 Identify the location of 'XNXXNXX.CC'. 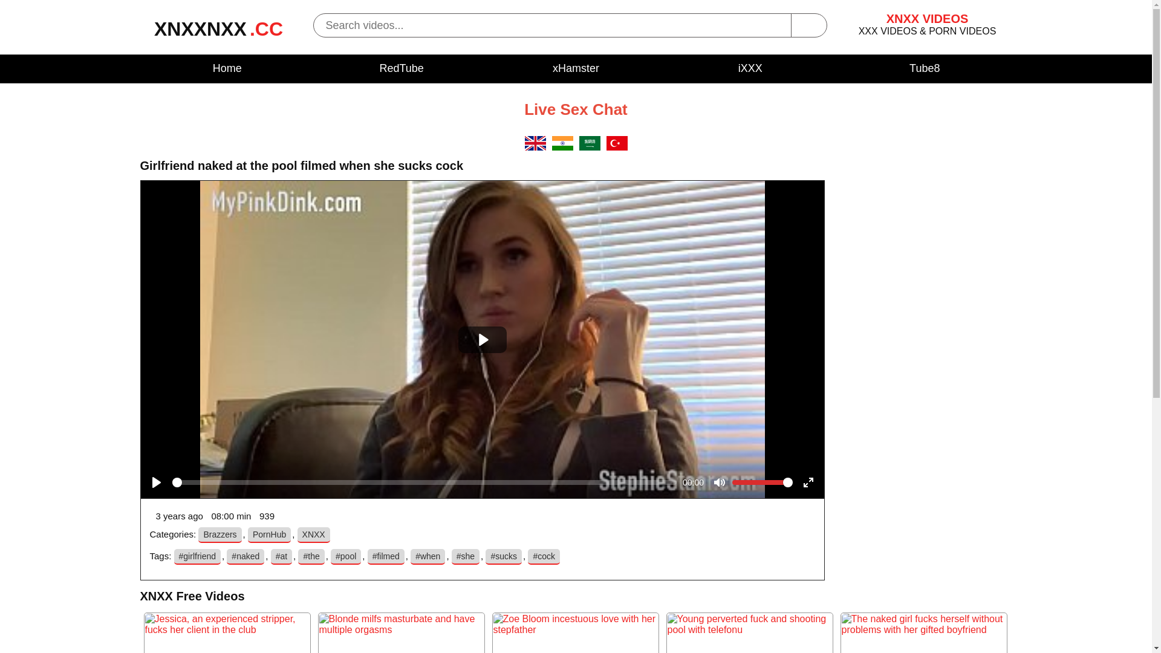
(218, 32).